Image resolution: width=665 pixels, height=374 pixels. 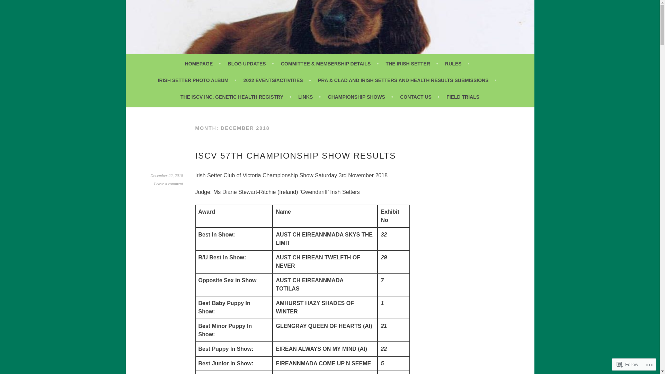 What do you see at coordinates (412, 64) in the screenshot?
I see `'THE IRISH SETTER'` at bounding box center [412, 64].